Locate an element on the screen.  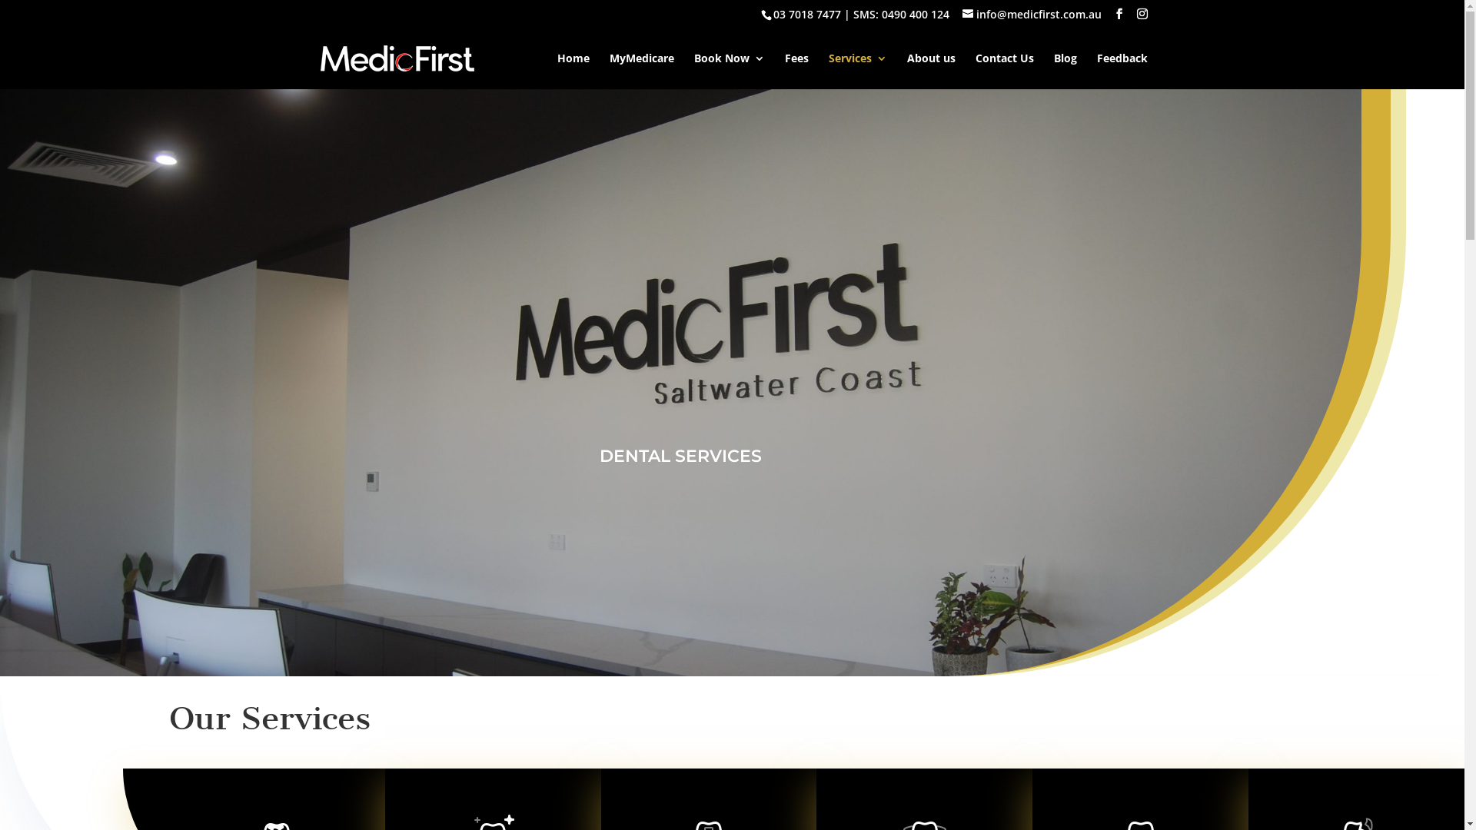
'Contact Us' is located at coordinates (1003, 71).